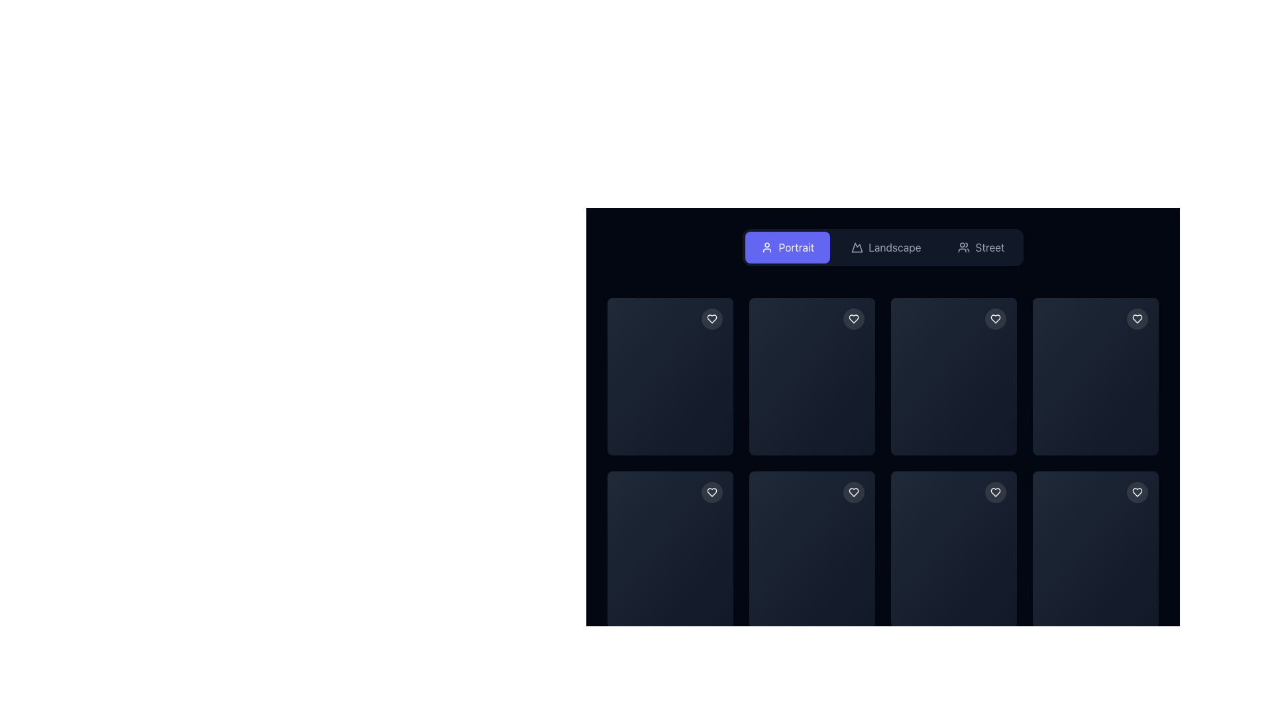  What do you see at coordinates (712, 319) in the screenshot?
I see `the heart-shaped icon button located at the top-right corner of the rectangular card to observe visual feedback` at bounding box center [712, 319].